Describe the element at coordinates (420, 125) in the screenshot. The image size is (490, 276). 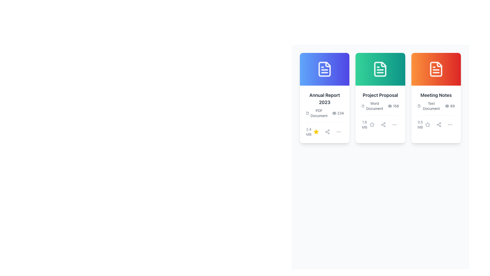
I see `the label displaying '0.5 MB' in gray color, located within the 'Meeting Notes' card, positioned at the bottom-left corner, below the descriptive text area` at that location.